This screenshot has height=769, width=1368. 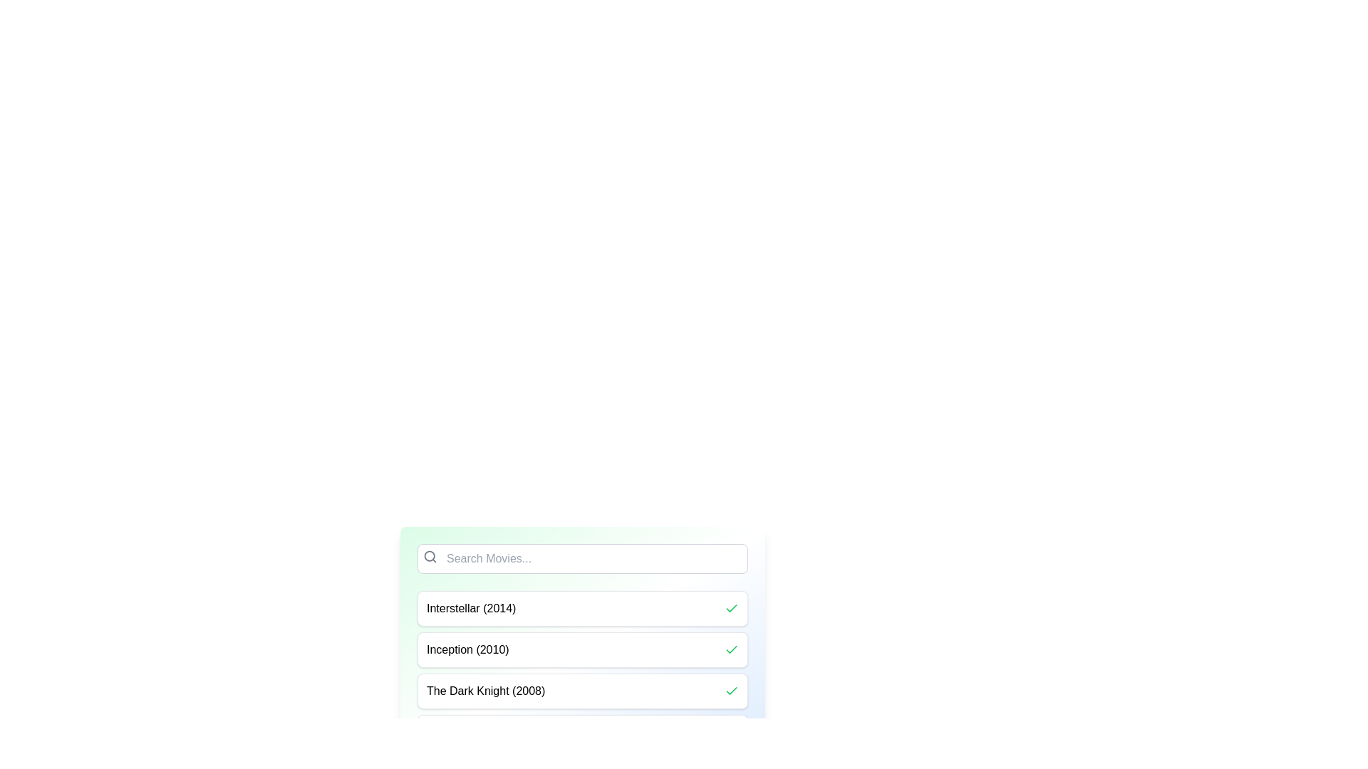 What do you see at coordinates (732, 691) in the screenshot?
I see `the confirmation icon associated with the list item labeled 'The Dark Knight (2008)'` at bounding box center [732, 691].